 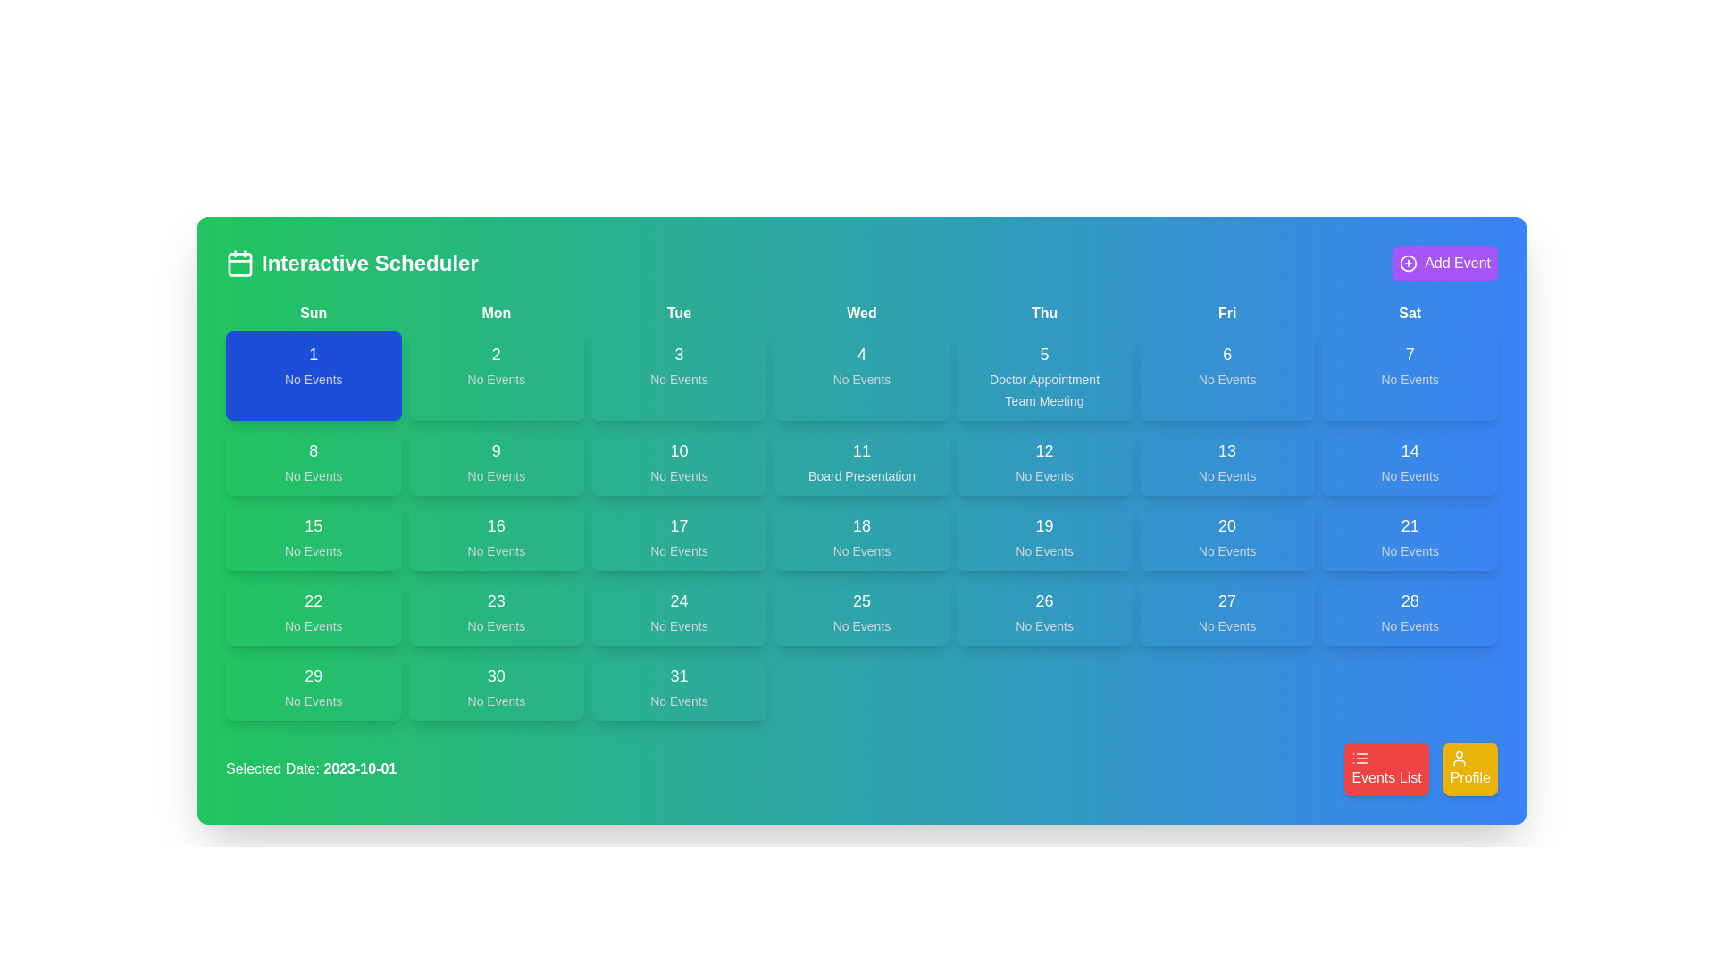 I want to click on the Calendar date entry displaying the number '25' with the phrase 'No Events' below it, located in the fifth row under the 'Wed' column, so click(x=861, y=611).